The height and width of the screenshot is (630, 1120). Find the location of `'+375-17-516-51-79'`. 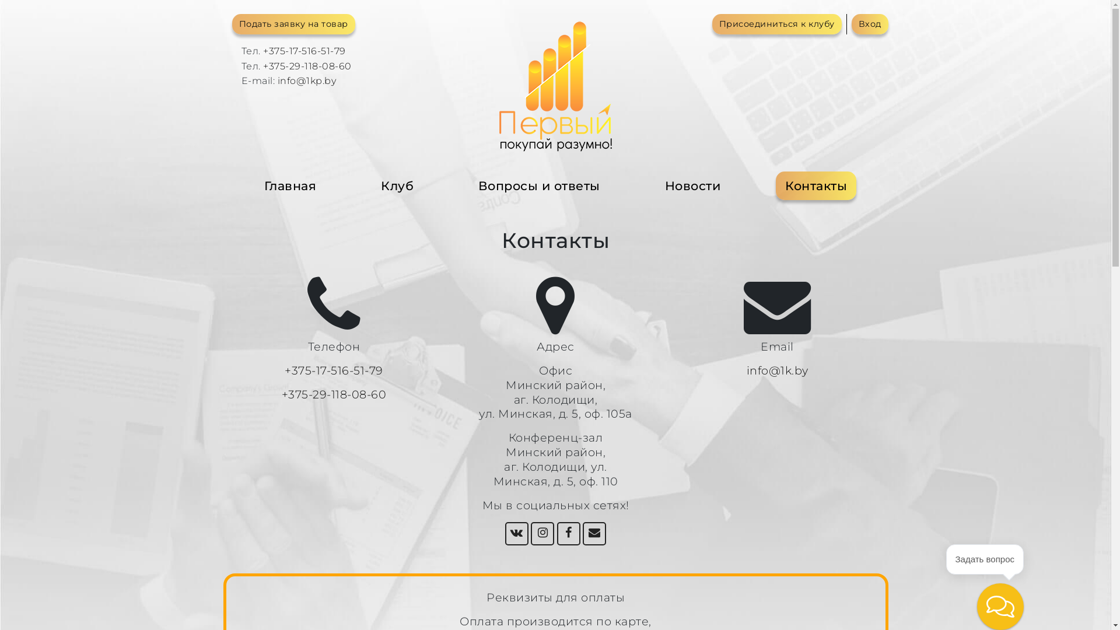

'+375-17-516-51-79' is located at coordinates (333, 370).